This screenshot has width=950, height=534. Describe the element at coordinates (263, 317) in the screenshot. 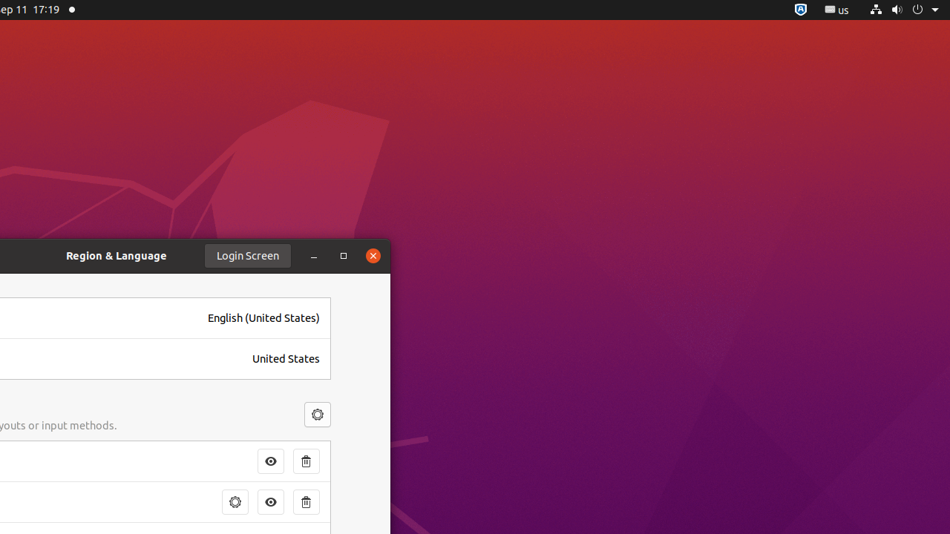

I see `'English (United States)'` at that location.